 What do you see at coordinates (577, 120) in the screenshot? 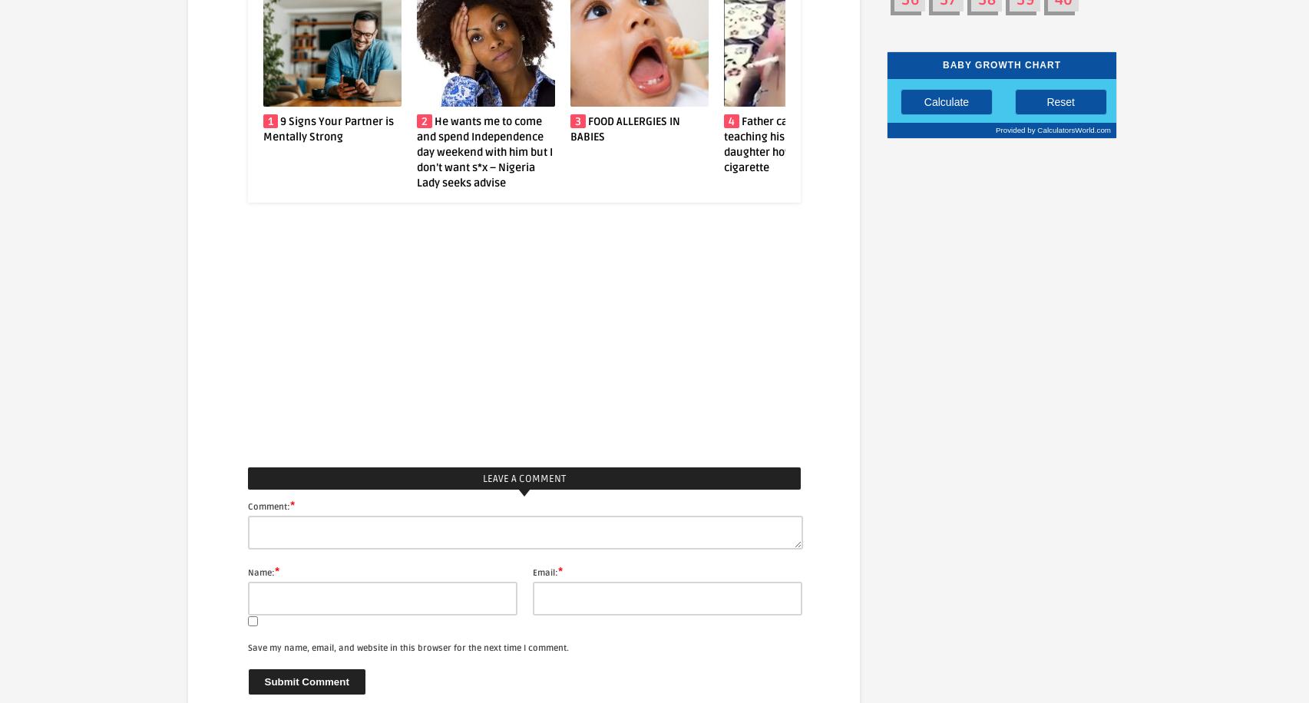
I see `'4'` at bounding box center [577, 120].